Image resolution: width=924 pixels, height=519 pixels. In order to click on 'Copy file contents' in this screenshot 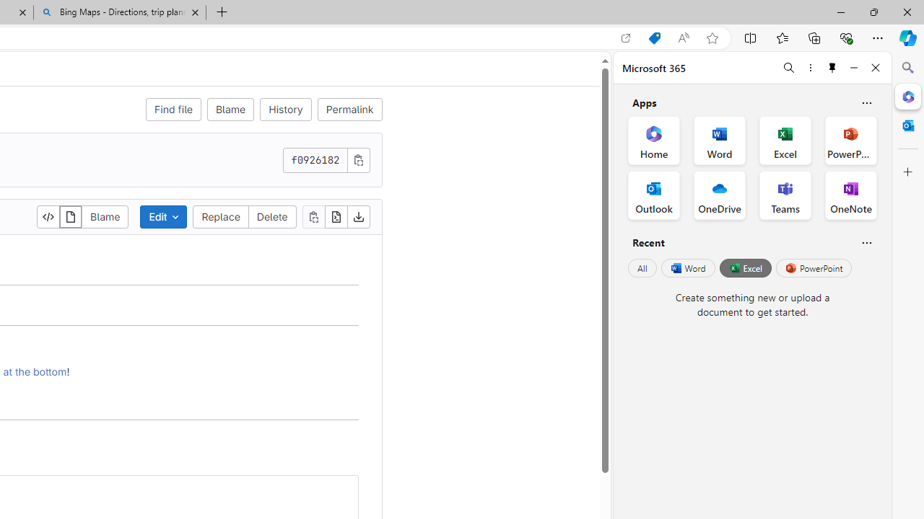, I will do `click(313, 216)`.